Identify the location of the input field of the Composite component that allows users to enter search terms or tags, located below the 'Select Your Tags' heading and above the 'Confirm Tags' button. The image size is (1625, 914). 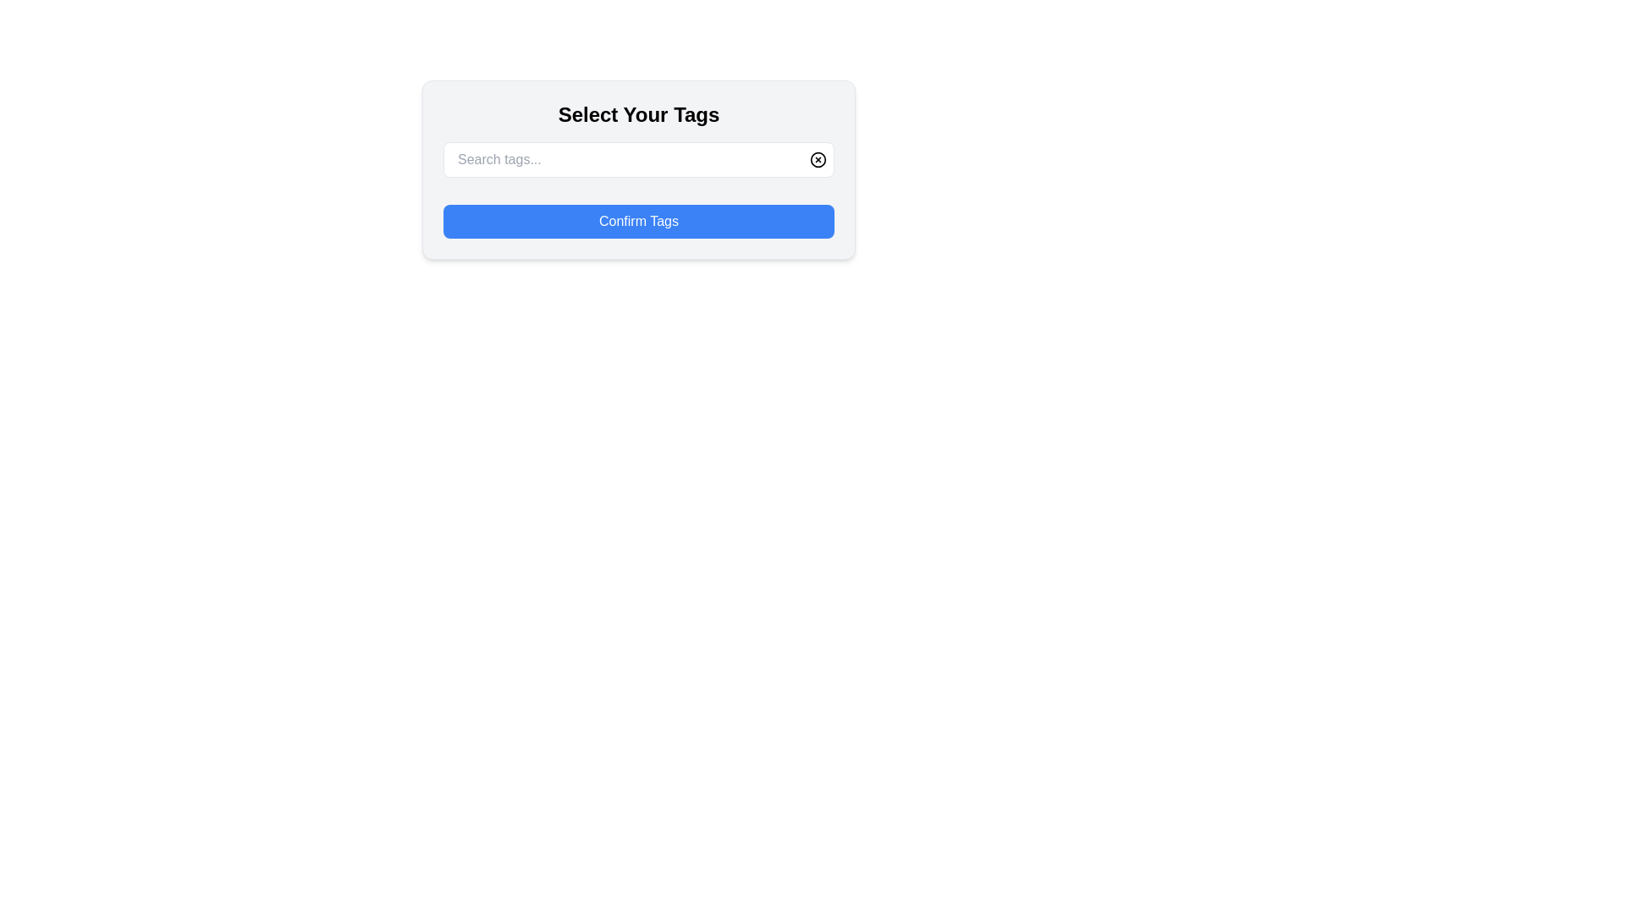
(637, 160).